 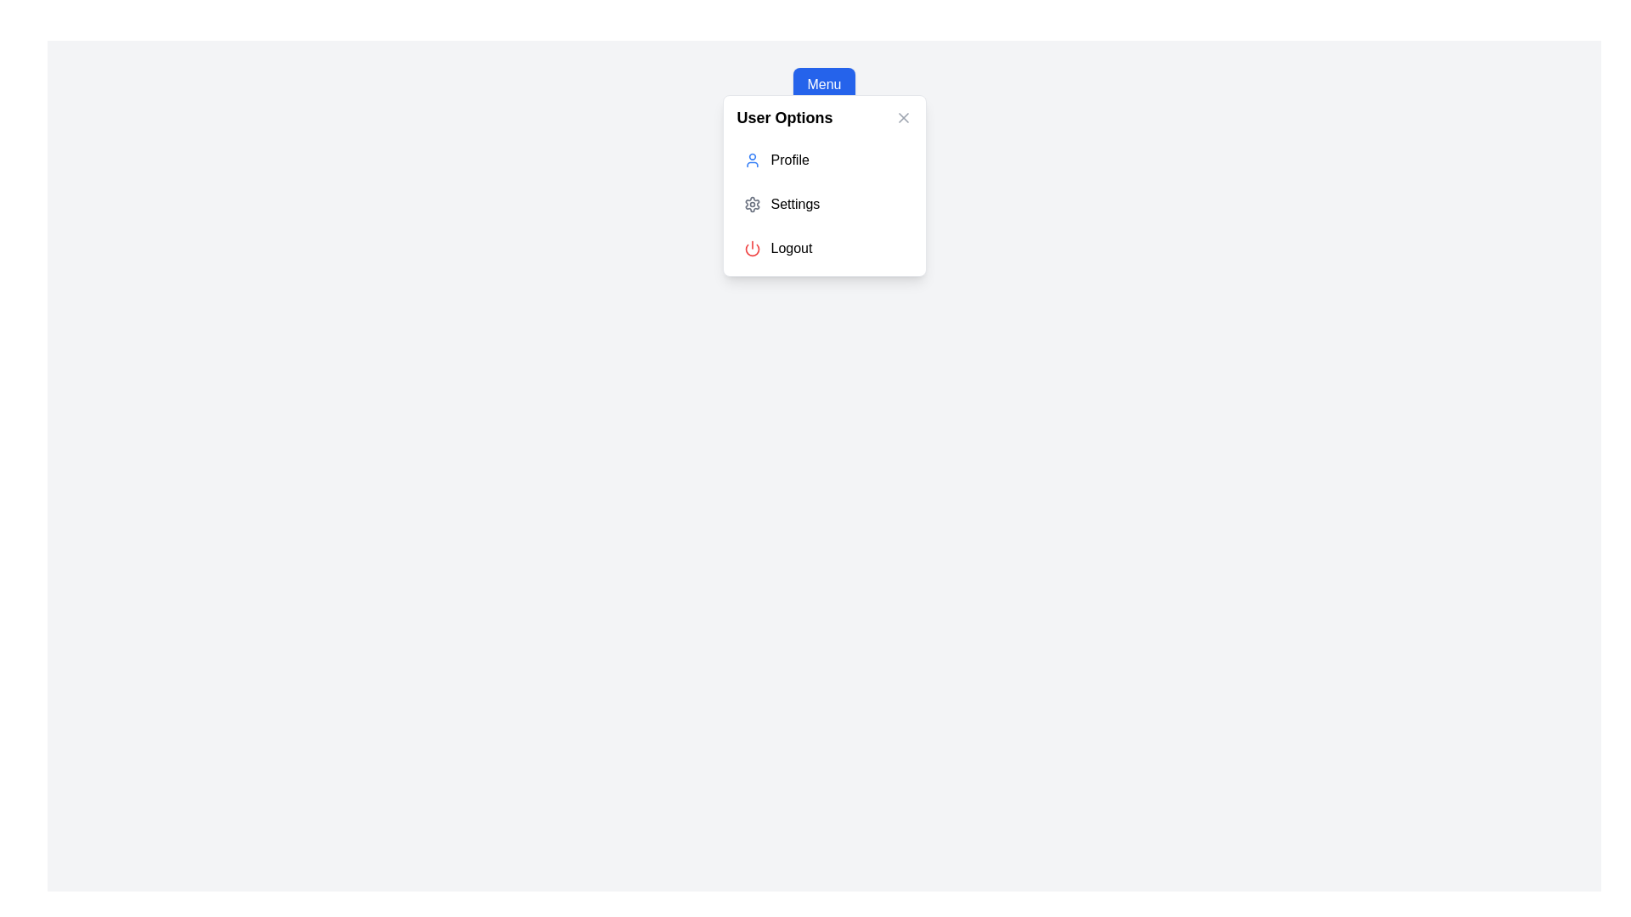 I want to click on the 'Settings' option in the vertical list under the 'User Options' dropdown menu, so click(x=824, y=203).